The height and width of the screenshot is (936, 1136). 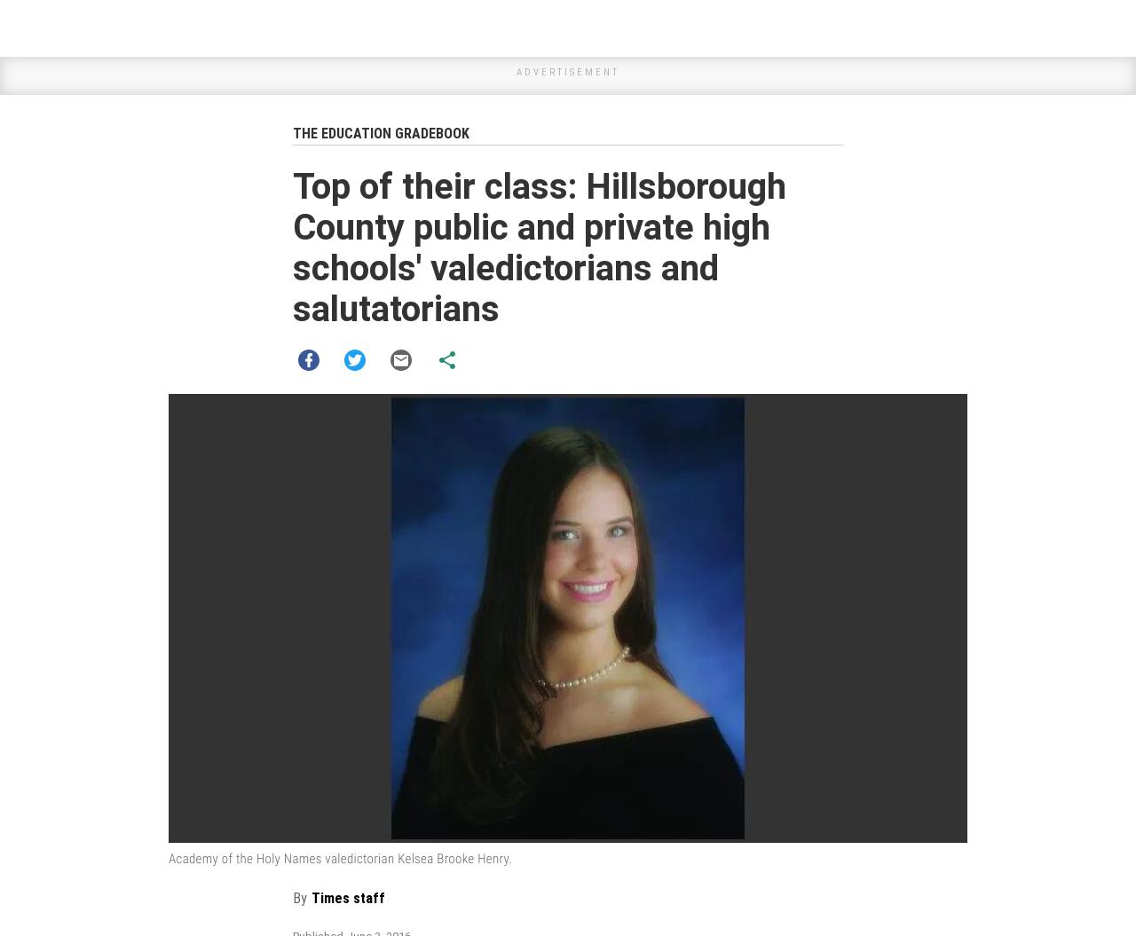 I want to click on 'Parents: Kamlesh and Ami Patel', so click(x=400, y=700).